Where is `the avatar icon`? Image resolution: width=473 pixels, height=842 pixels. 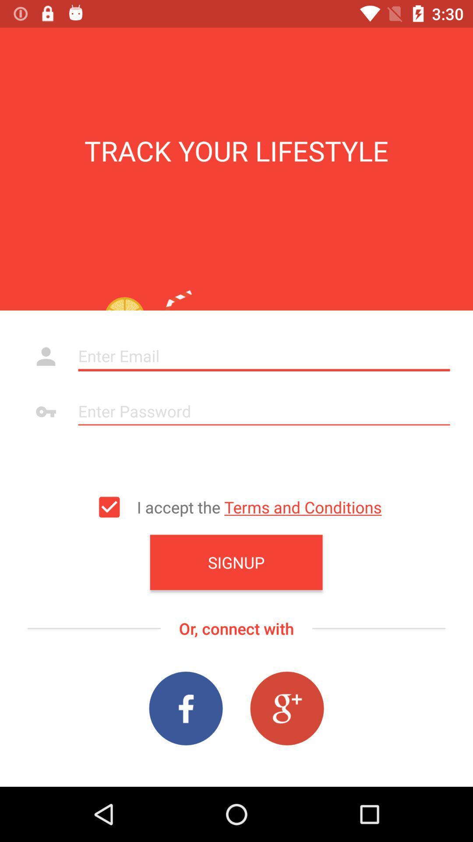
the avatar icon is located at coordinates (46, 356).